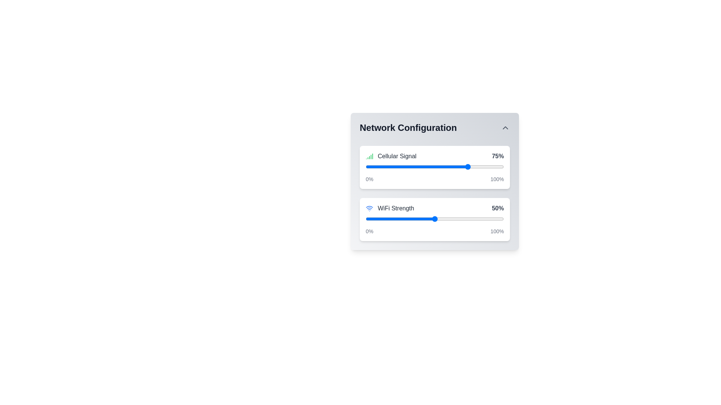 This screenshot has width=721, height=405. I want to click on the Cellular Signal strength, so click(408, 166).